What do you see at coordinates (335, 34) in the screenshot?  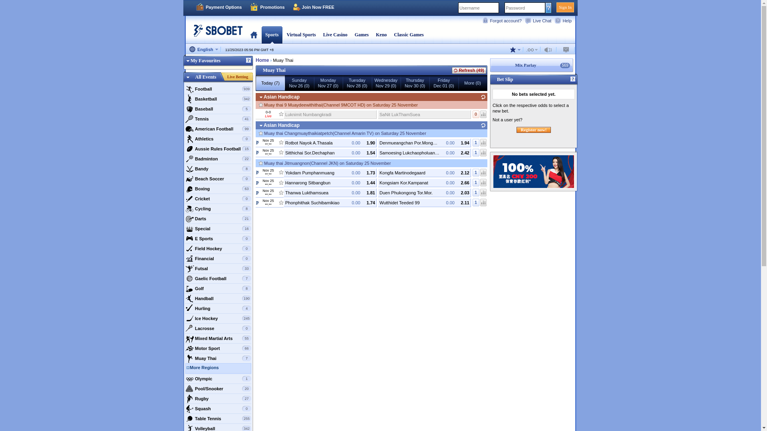 I see `'Live Casino'` at bounding box center [335, 34].